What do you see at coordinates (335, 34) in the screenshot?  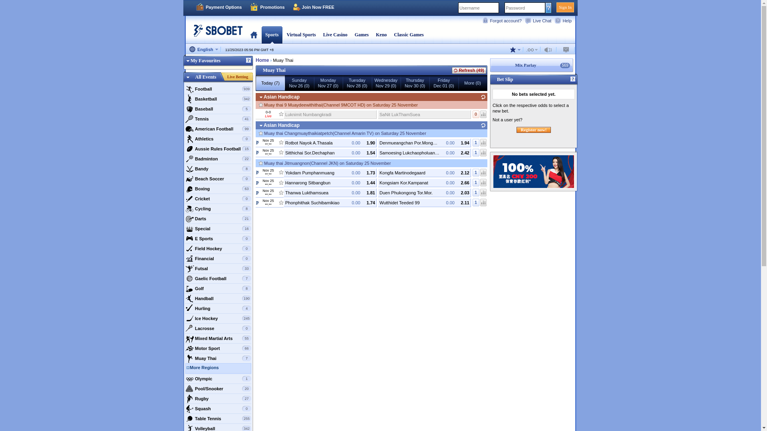 I see `'Live Casino'` at bounding box center [335, 34].